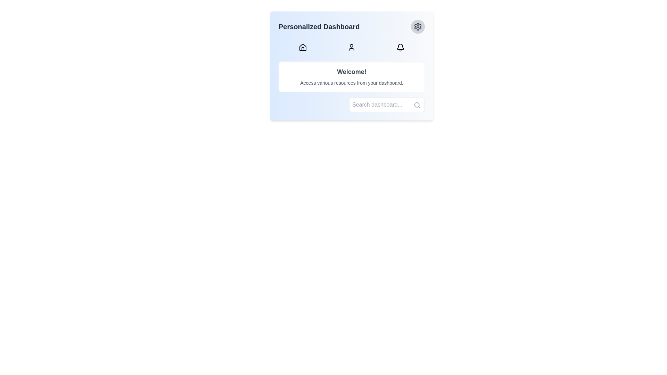 Image resolution: width=667 pixels, height=375 pixels. I want to click on the house-shaped icon in the navigation bar, so click(303, 47).